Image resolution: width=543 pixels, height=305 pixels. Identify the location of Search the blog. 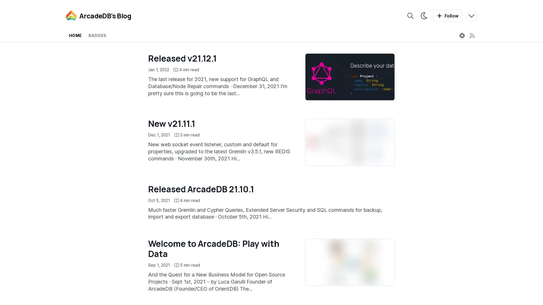
(410, 16).